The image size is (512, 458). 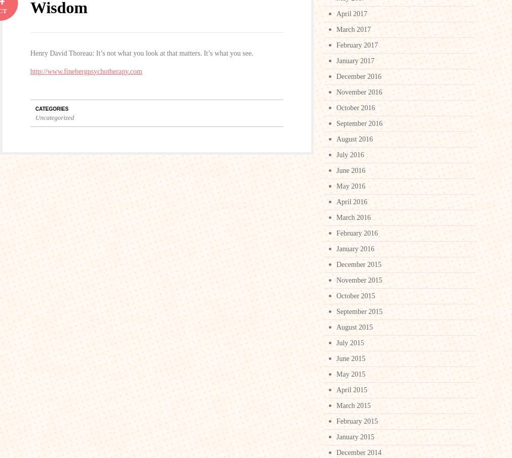 What do you see at coordinates (353, 405) in the screenshot?
I see `'March 2015'` at bounding box center [353, 405].